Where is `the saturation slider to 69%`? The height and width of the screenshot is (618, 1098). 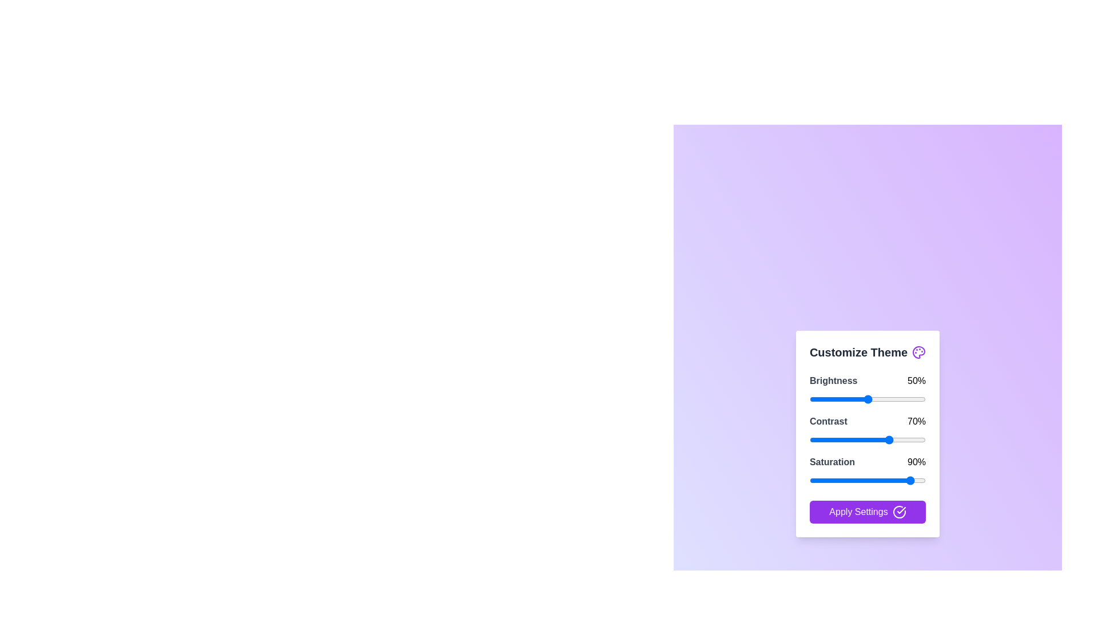
the saturation slider to 69% is located at coordinates (889, 480).